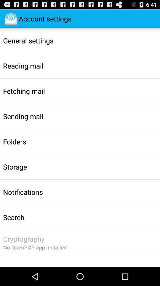  I want to click on the fetching mail item, so click(24, 91).